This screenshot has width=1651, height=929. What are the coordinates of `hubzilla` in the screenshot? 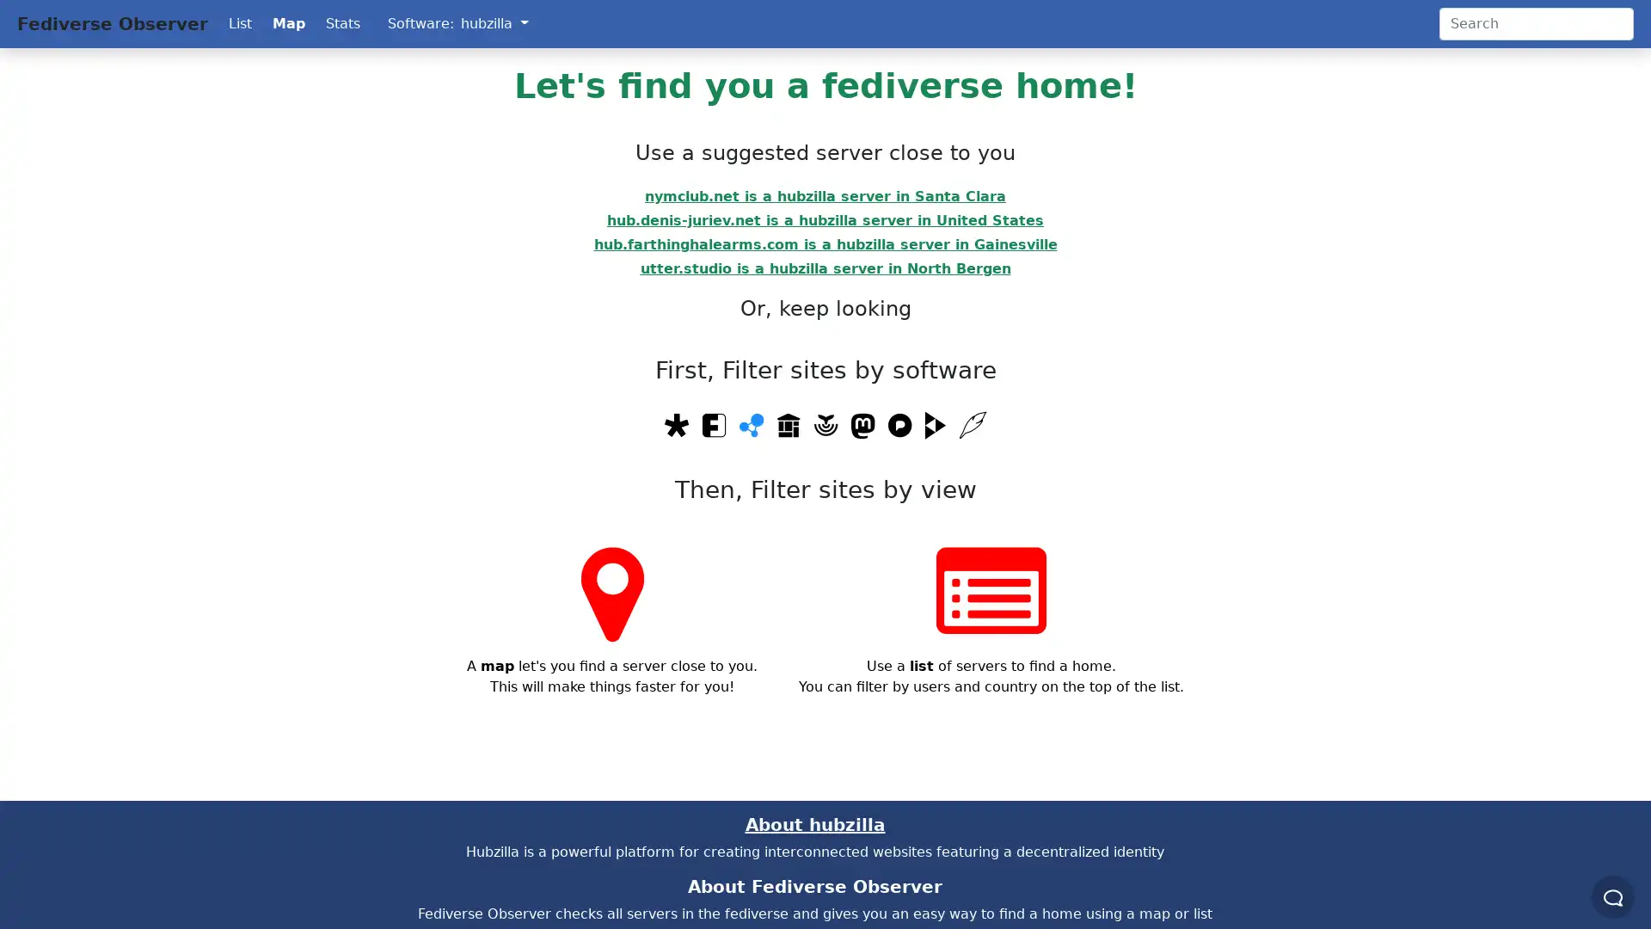 It's located at (494, 23).